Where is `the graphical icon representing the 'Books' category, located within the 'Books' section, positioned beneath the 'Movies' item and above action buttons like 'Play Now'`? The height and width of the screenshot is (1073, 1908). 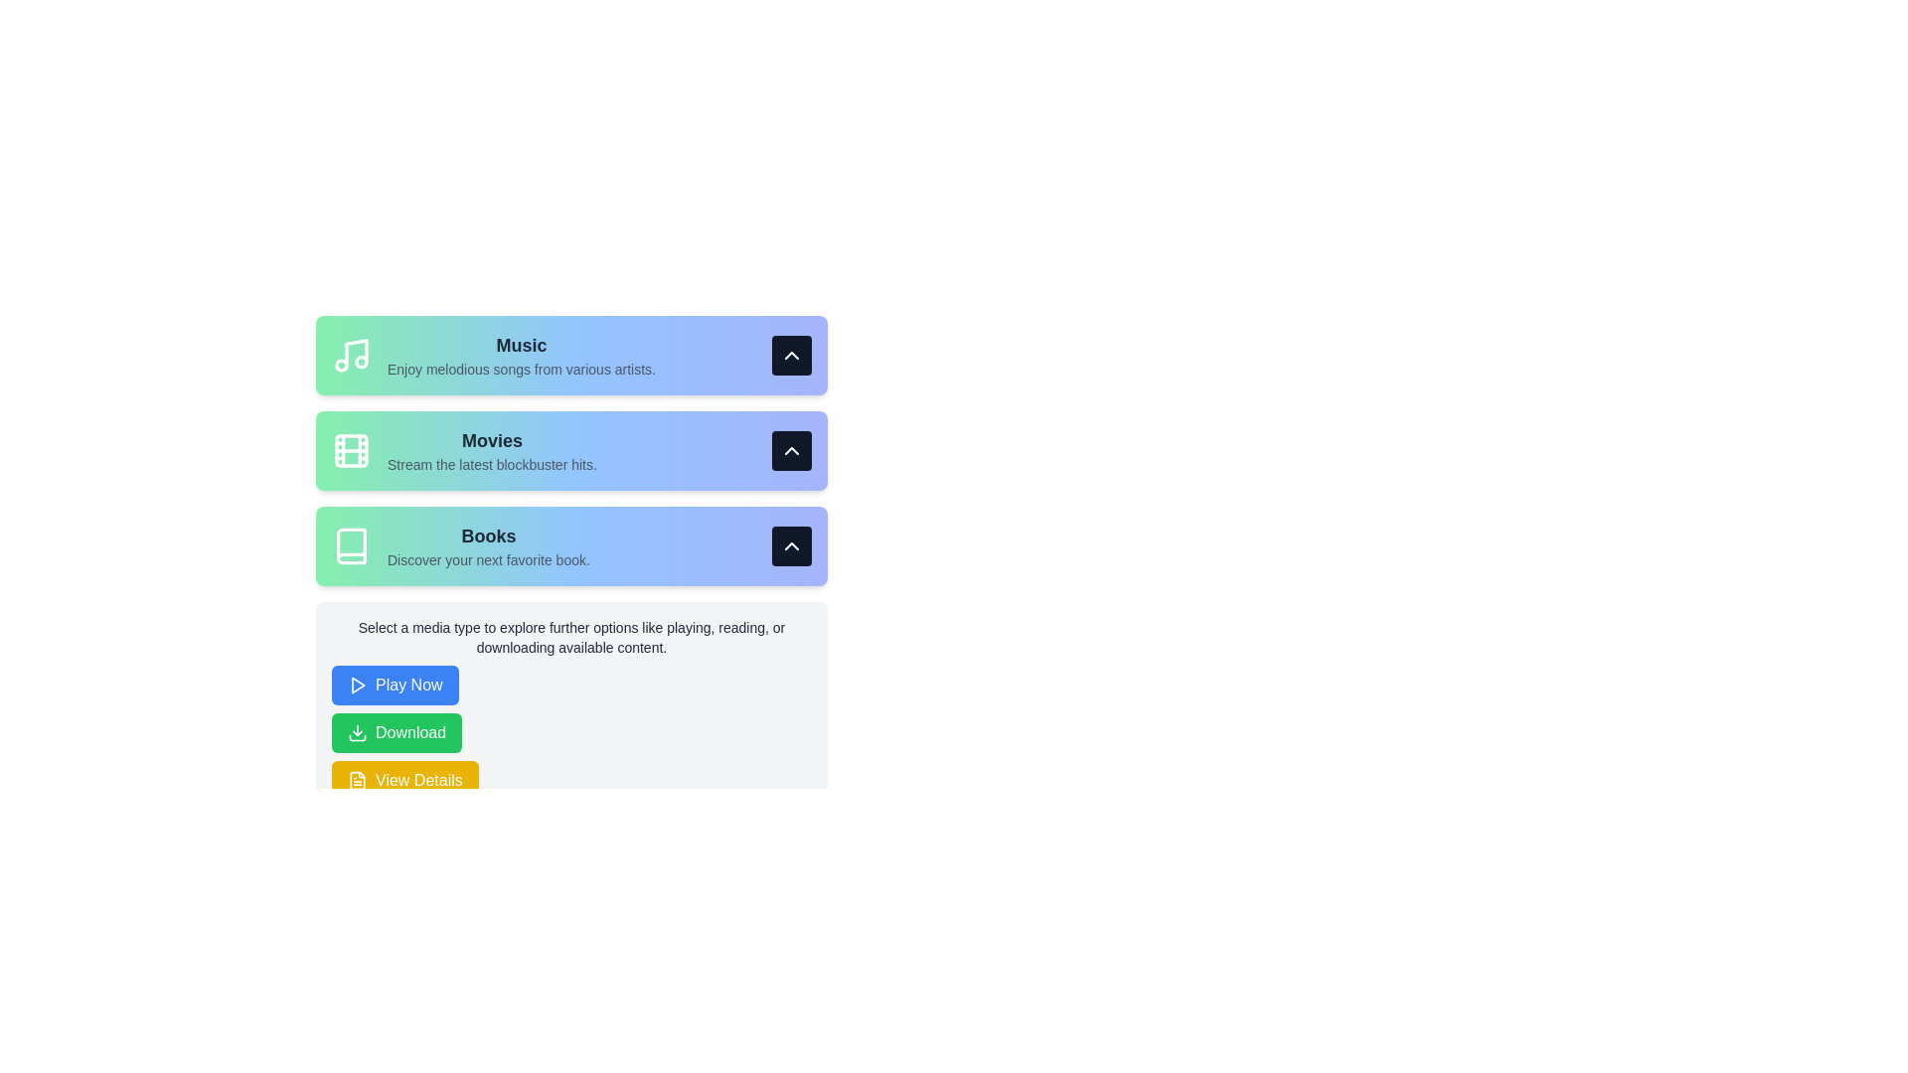 the graphical icon representing the 'Books' category, located within the 'Books' section, positioned beneath the 'Movies' item and above action buttons like 'Play Now' is located at coordinates (352, 546).